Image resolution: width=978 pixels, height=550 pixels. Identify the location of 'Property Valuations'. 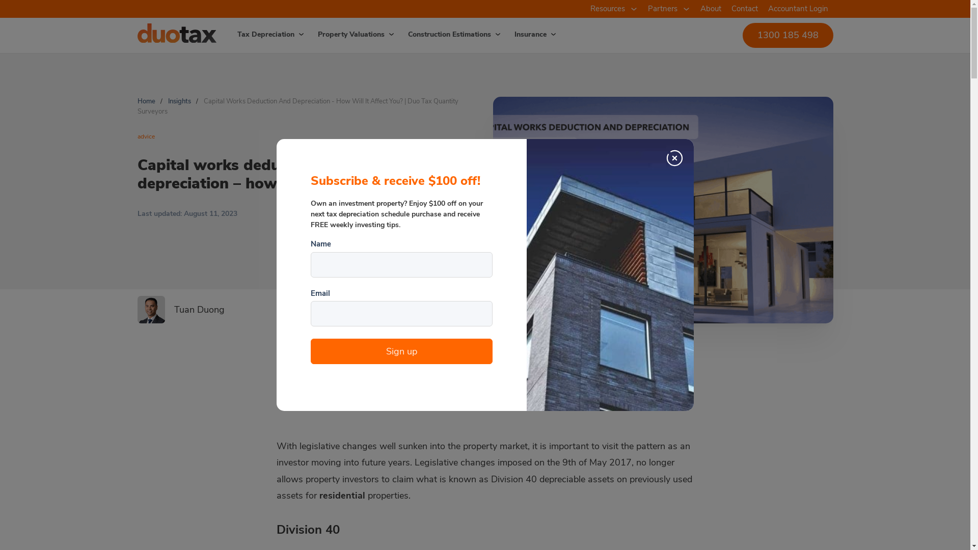
(304, 34).